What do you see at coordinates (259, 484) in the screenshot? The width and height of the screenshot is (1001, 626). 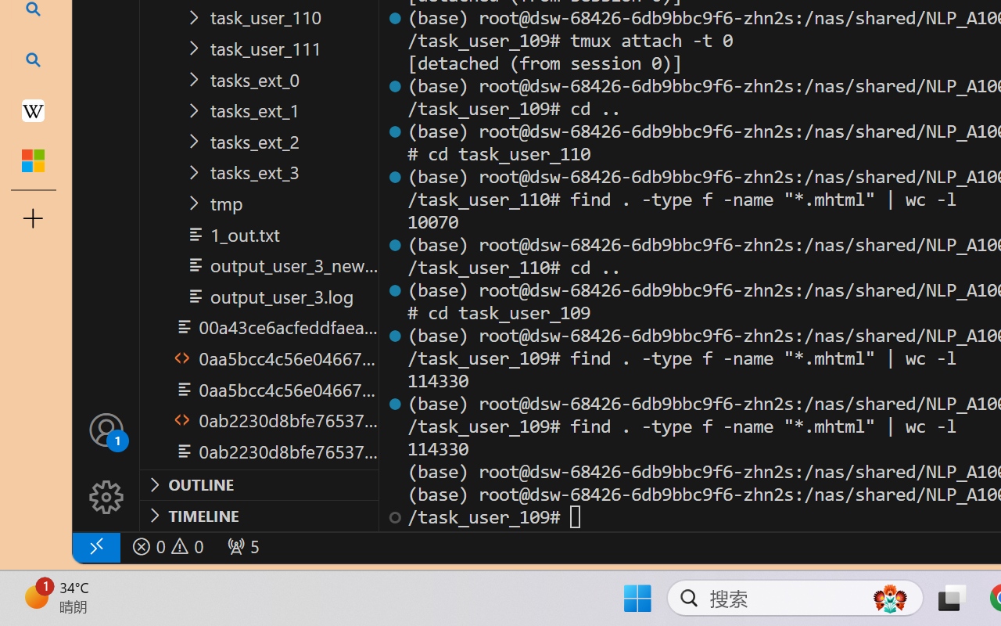 I see `'Outline Section'` at bounding box center [259, 484].